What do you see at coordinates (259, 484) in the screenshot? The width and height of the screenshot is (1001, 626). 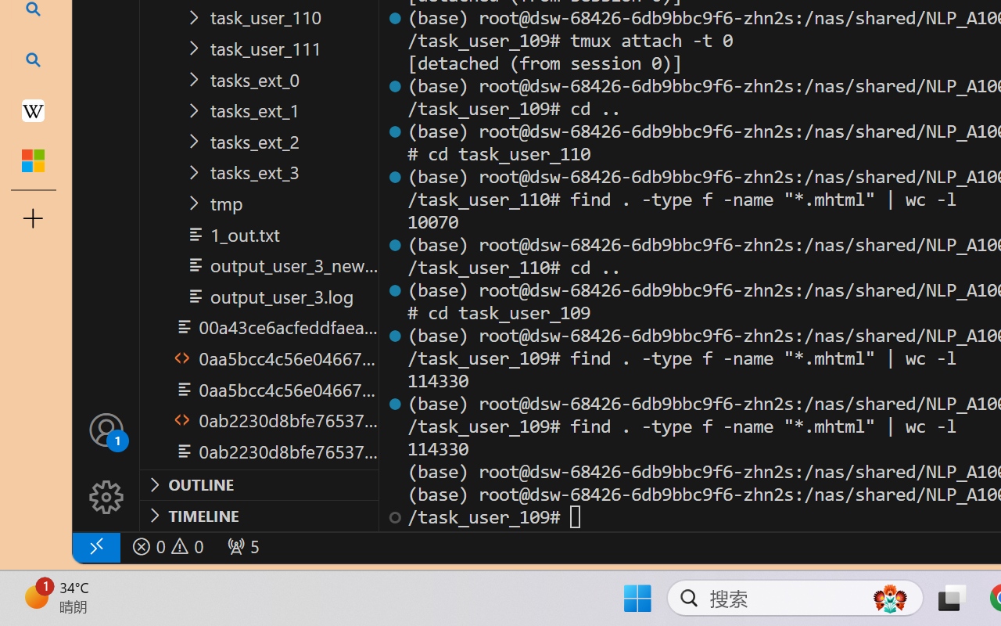 I see `'Outline Section'` at bounding box center [259, 484].